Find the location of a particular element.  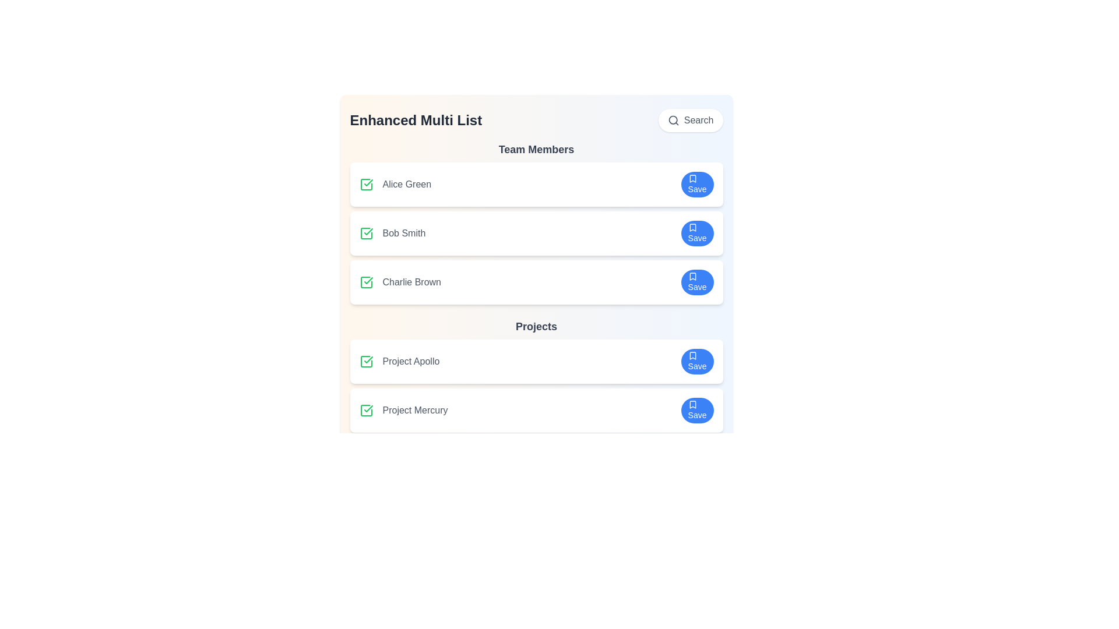

the save button for Project Mercury is located at coordinates (697, 410).